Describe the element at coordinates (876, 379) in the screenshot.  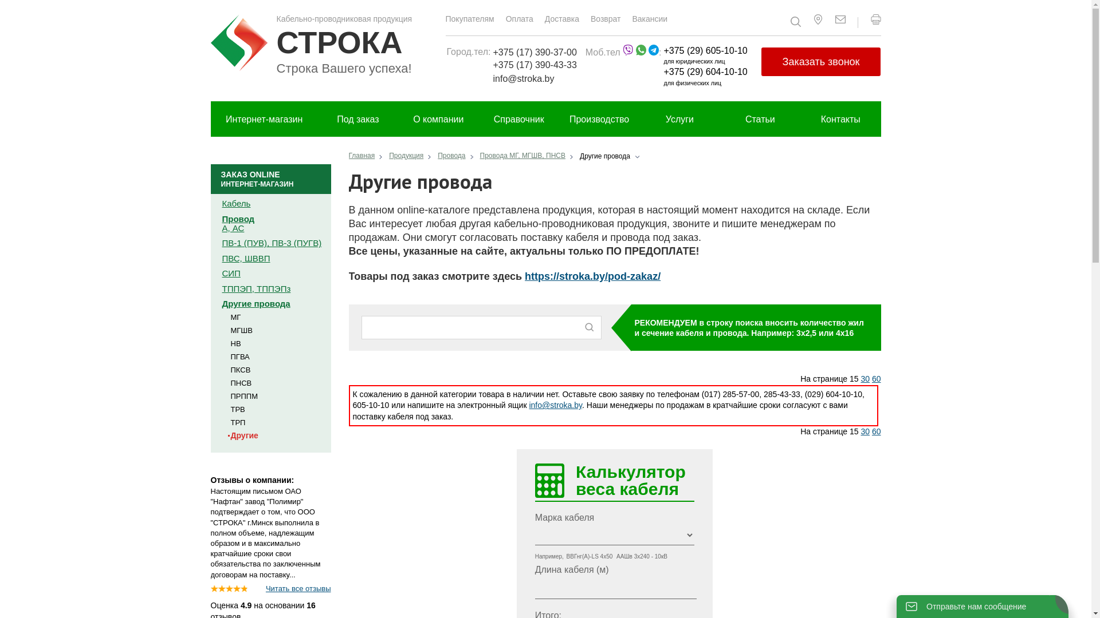
I see `'60'` at that location.